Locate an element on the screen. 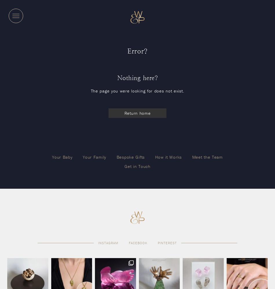  'Your Family' is located at coordinates (94, 157).